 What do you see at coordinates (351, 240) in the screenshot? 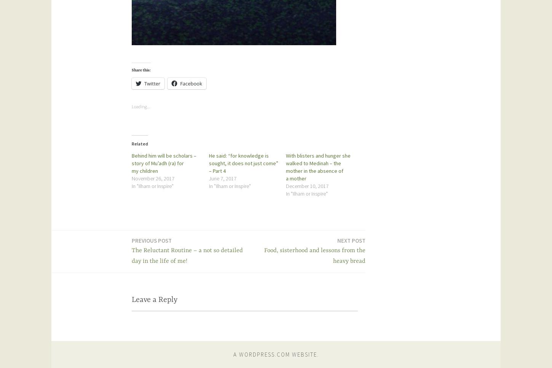
I see `'Next post'` at bounding box center [351, 240].